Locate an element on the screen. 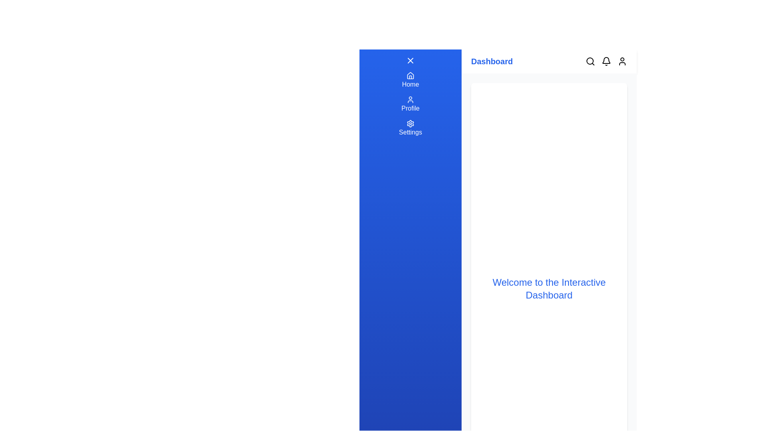  the Navigation button, which is the second option in the vertical sidebar menu, positioned below 'Home' and above 'Settings', to change its styling is located at coordinates (410, 104).